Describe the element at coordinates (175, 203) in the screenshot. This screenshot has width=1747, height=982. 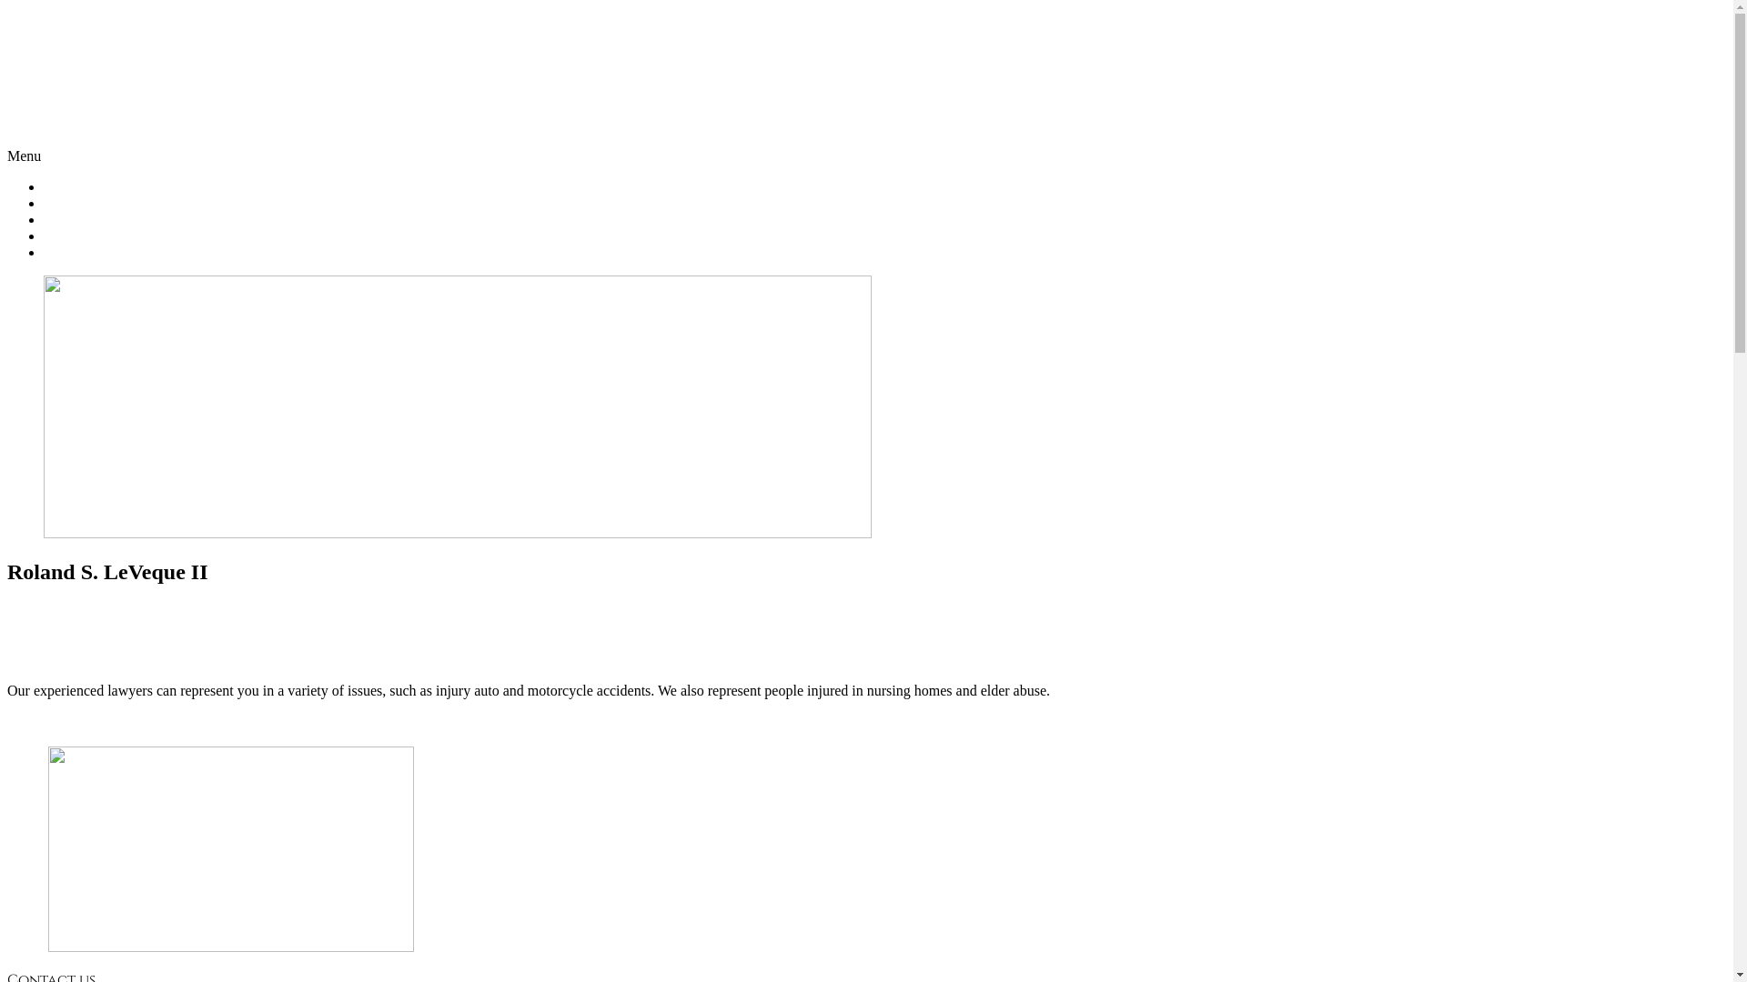
I see `'AUTO AND MOTORCYCLE ACCIDENTS'` at that location.